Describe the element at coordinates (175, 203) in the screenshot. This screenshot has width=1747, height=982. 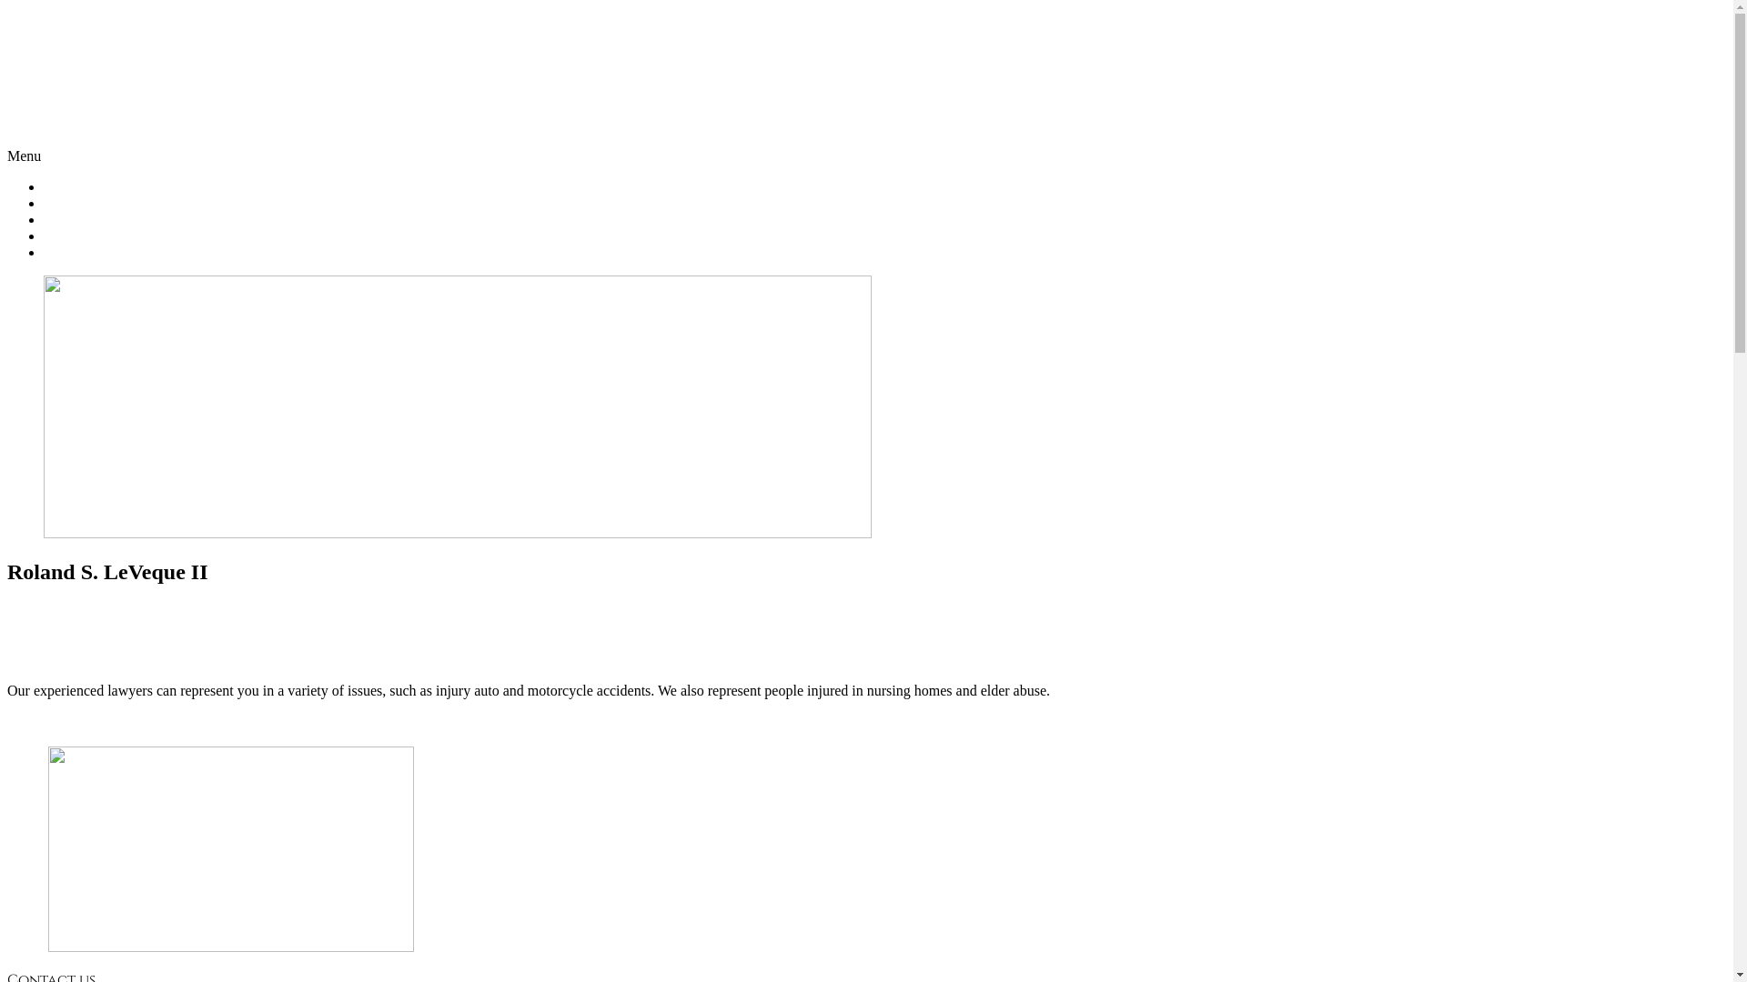
I see `'AUTO AND MOTORCYCLE ACCIDENTS'` at that location.